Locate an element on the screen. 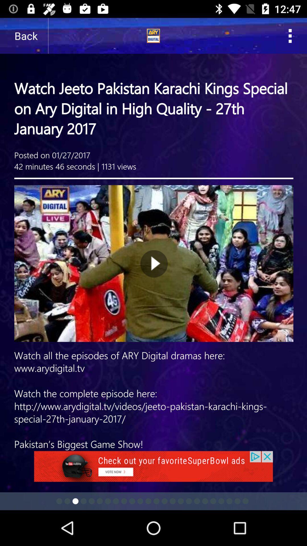 The height and width of the screenshot is (546, 307). vedio page is located at coordinates (153, 234).